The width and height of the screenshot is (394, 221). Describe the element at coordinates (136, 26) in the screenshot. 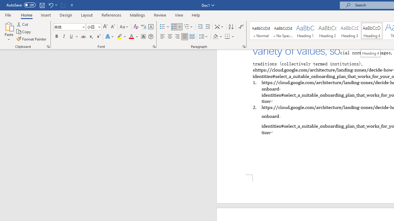

I see `'Clear Formatting'` at that location.